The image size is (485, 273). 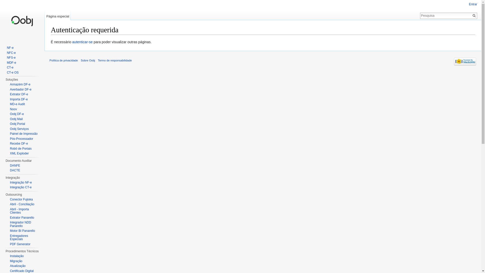 What do you see at coordinates (13, 109) in the screenshot?
I see `'Noov'` at bounding box center [13, 109].